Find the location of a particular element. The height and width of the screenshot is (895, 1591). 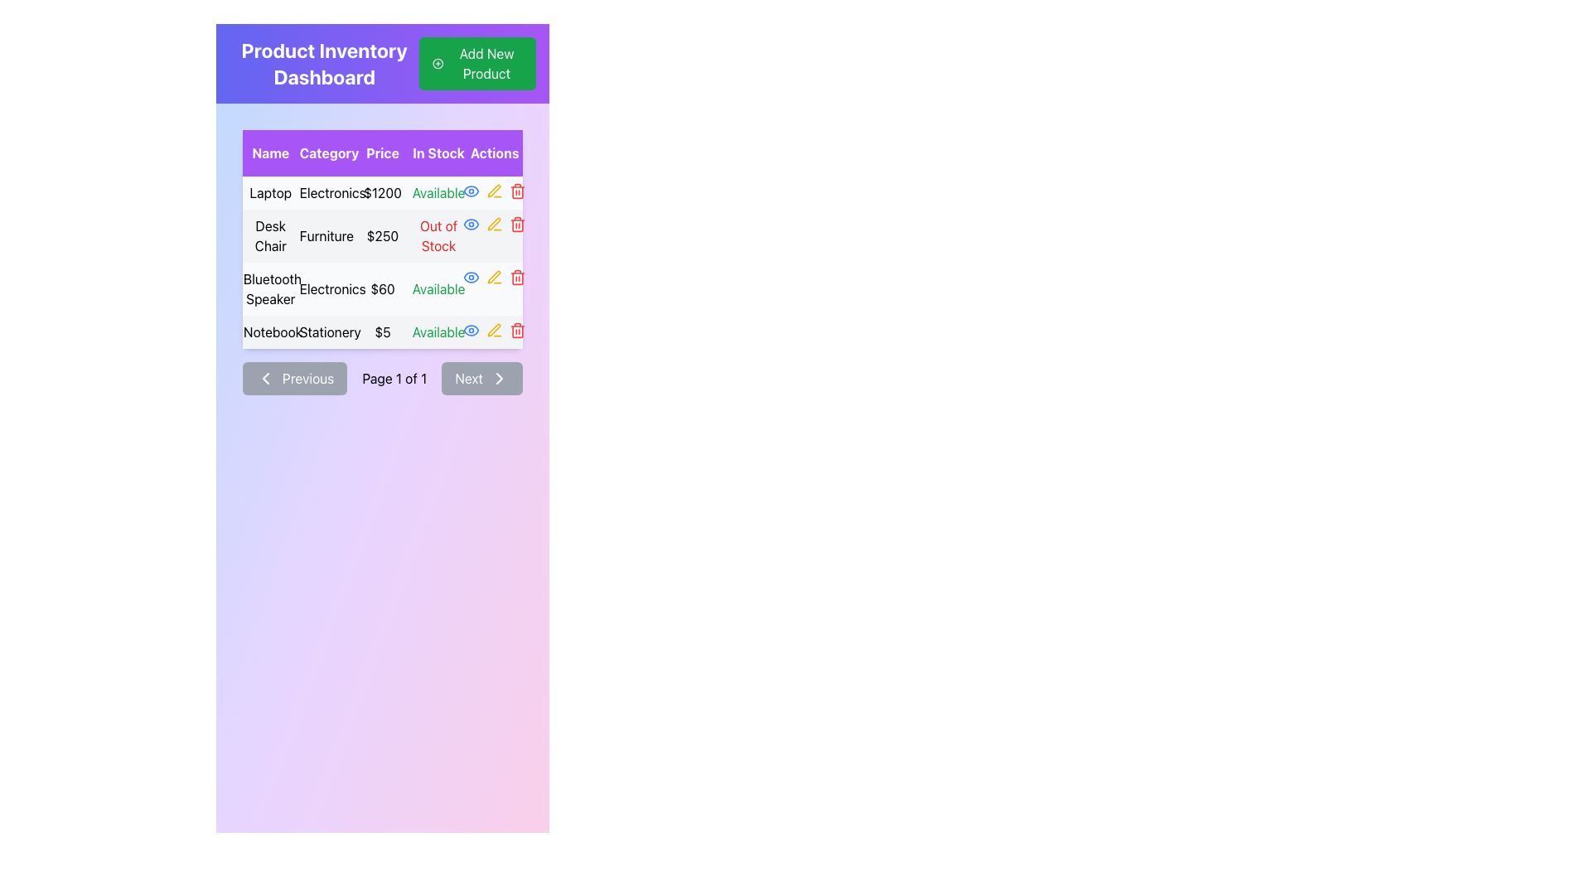

the 'Previous' button located at the bottom-left corner of the pagination controls is located at coordinates (294, 378).